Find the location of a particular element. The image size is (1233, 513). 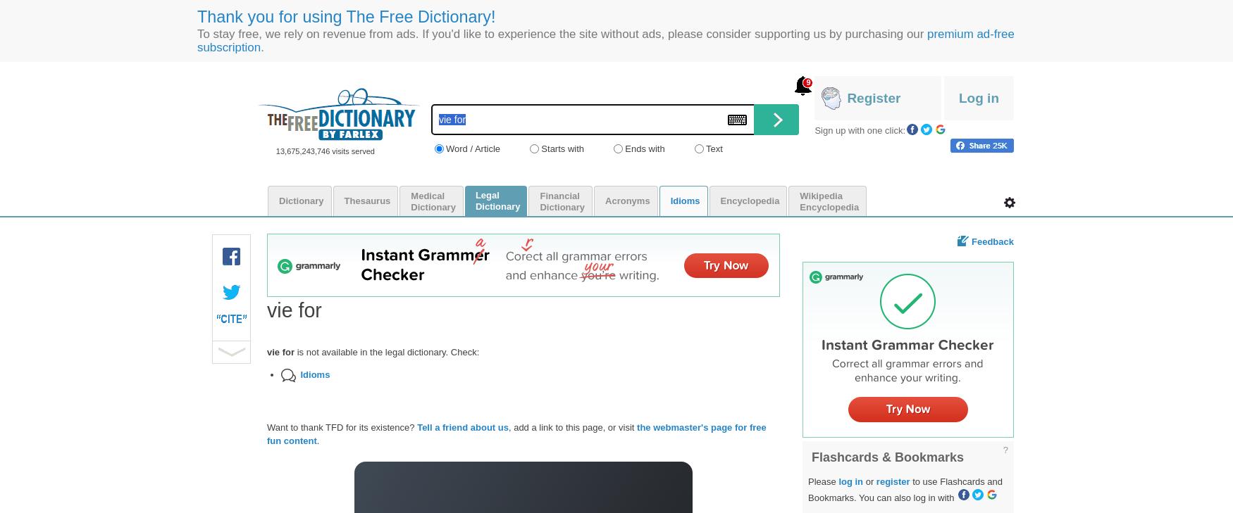

'the webmaster's page for free fun content' is located at coordinates (266, 433).